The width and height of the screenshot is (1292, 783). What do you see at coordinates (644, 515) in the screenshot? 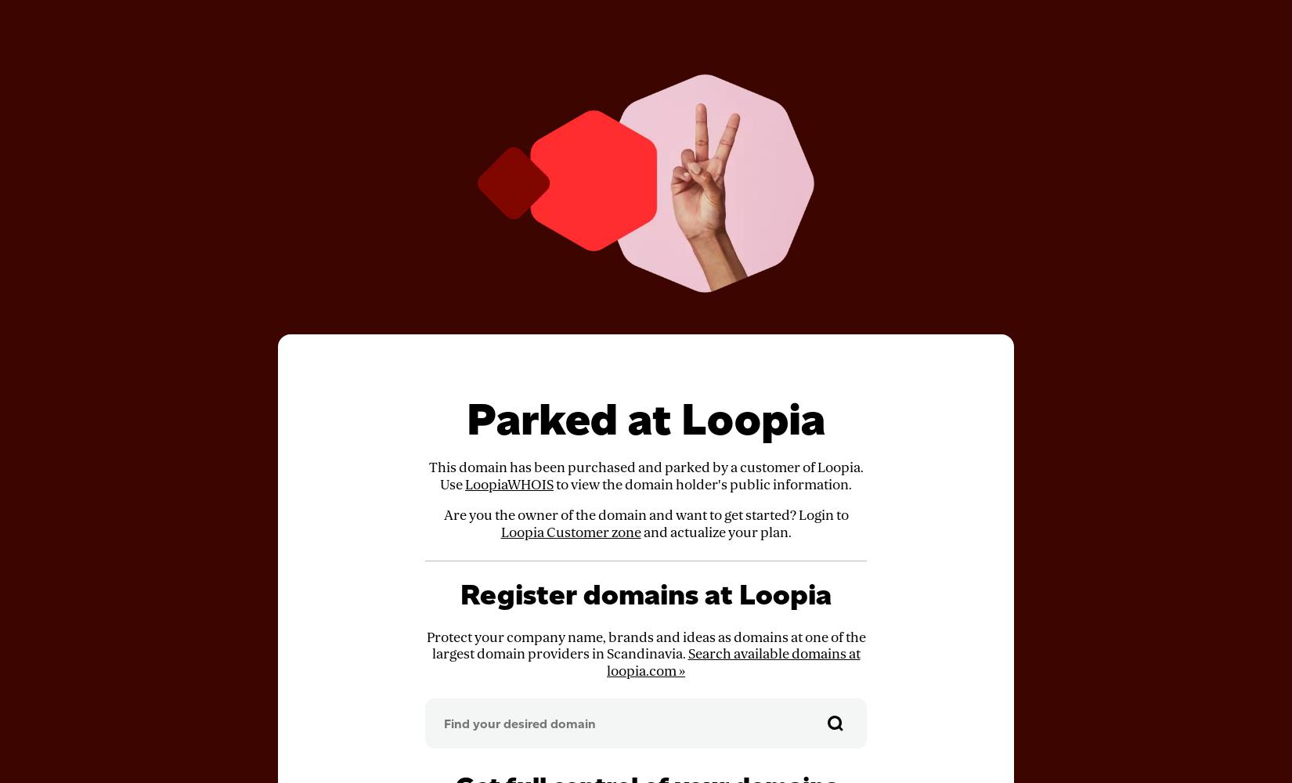
I see `'Are you the owner of the domain and want to get started? Login to'` at bounding box center [644, 515].